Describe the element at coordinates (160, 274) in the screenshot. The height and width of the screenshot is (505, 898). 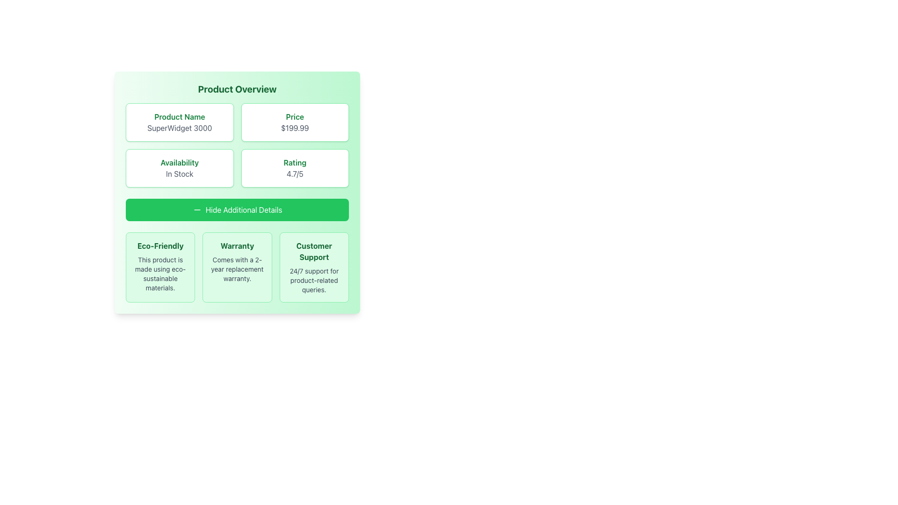
I see `text label stating 'This product is made using eco-sustainable materials.' located within the 'Eco-Friendly' section in the bottom-left quadrant of the interface` at that location.